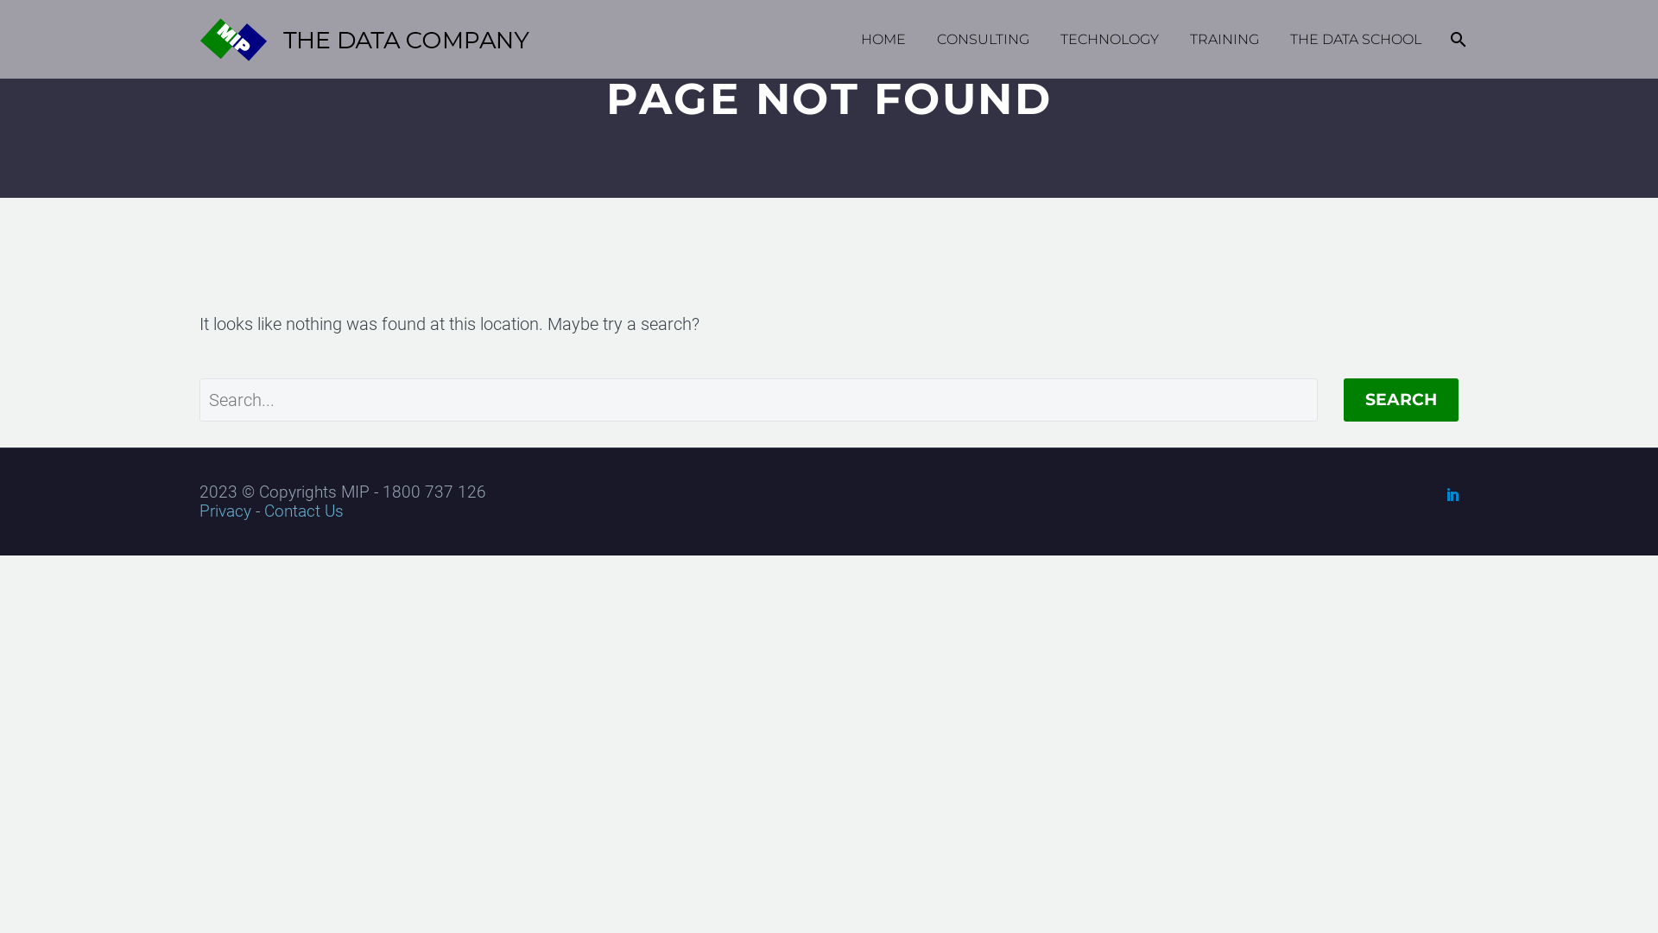  Describe the element at coordinates (1354, 39) in the screenshot. I see `'THE DATA SCHOOL'` at that location.